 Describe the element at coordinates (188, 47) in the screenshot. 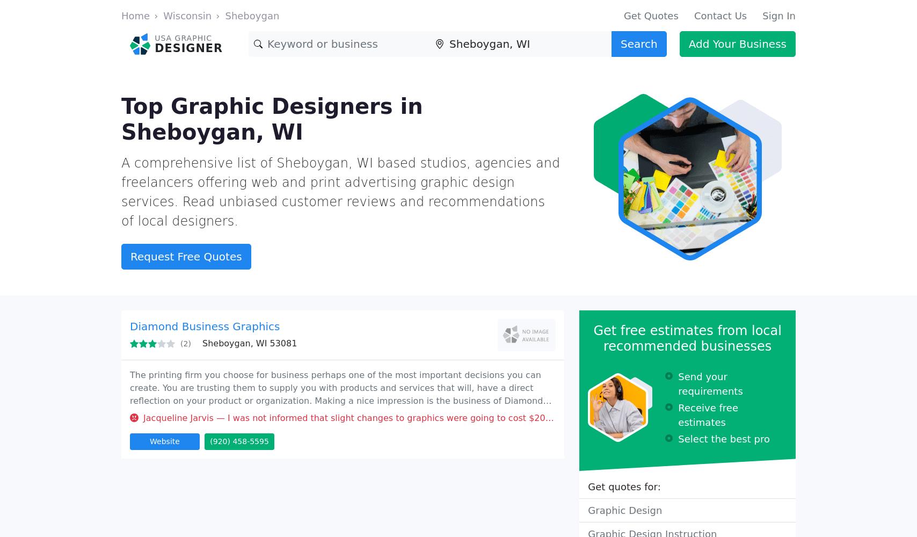

I see `'Designer'` at that location.